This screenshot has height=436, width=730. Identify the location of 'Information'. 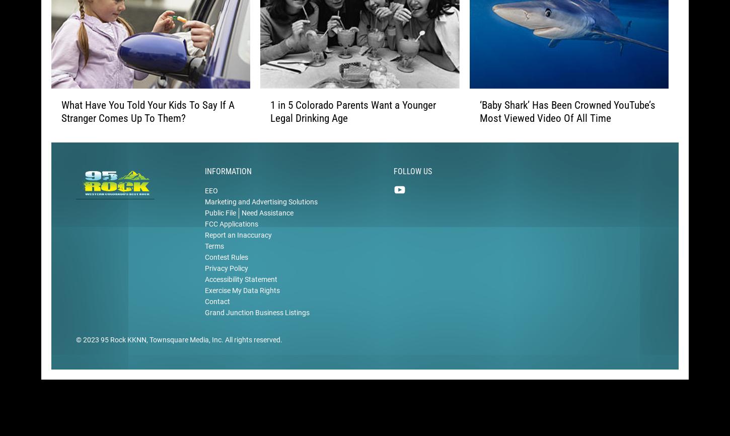
(228, 184).